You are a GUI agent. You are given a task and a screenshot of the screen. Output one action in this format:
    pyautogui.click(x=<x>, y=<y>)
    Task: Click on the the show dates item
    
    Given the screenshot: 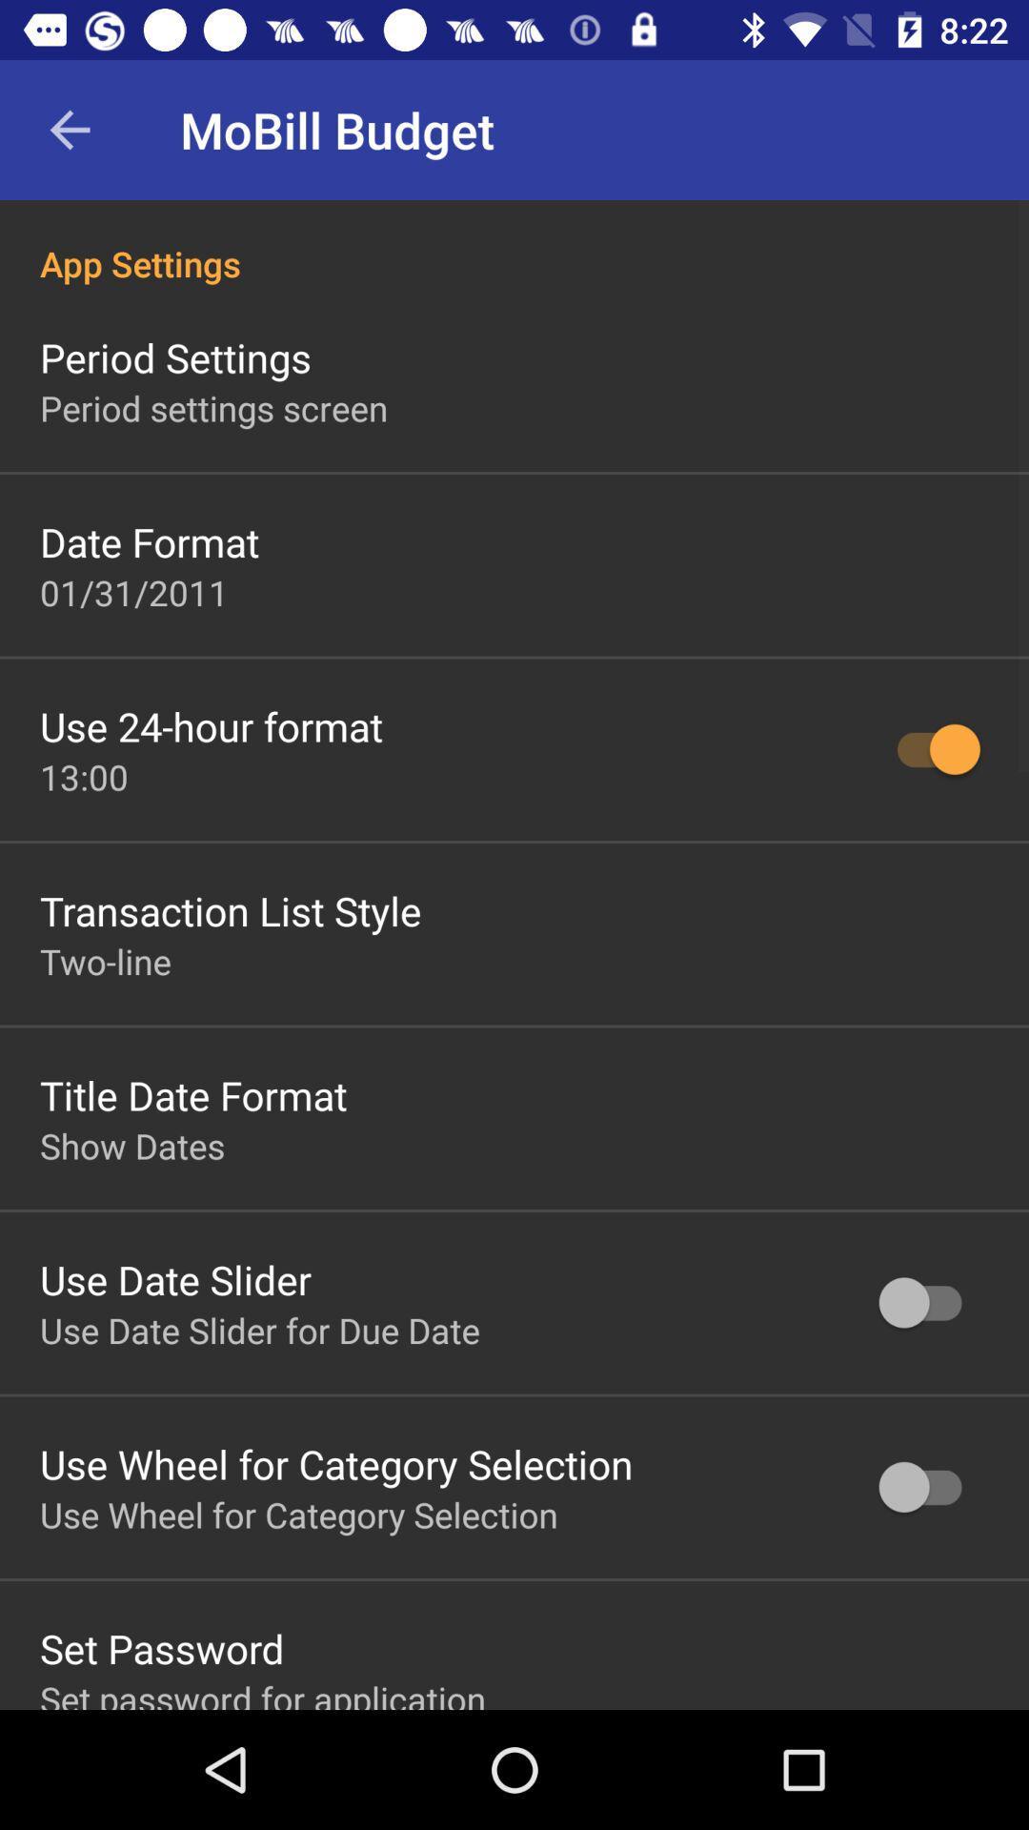 What is the action you would take?
    pyautogui.click(x=131, y=1145)
    